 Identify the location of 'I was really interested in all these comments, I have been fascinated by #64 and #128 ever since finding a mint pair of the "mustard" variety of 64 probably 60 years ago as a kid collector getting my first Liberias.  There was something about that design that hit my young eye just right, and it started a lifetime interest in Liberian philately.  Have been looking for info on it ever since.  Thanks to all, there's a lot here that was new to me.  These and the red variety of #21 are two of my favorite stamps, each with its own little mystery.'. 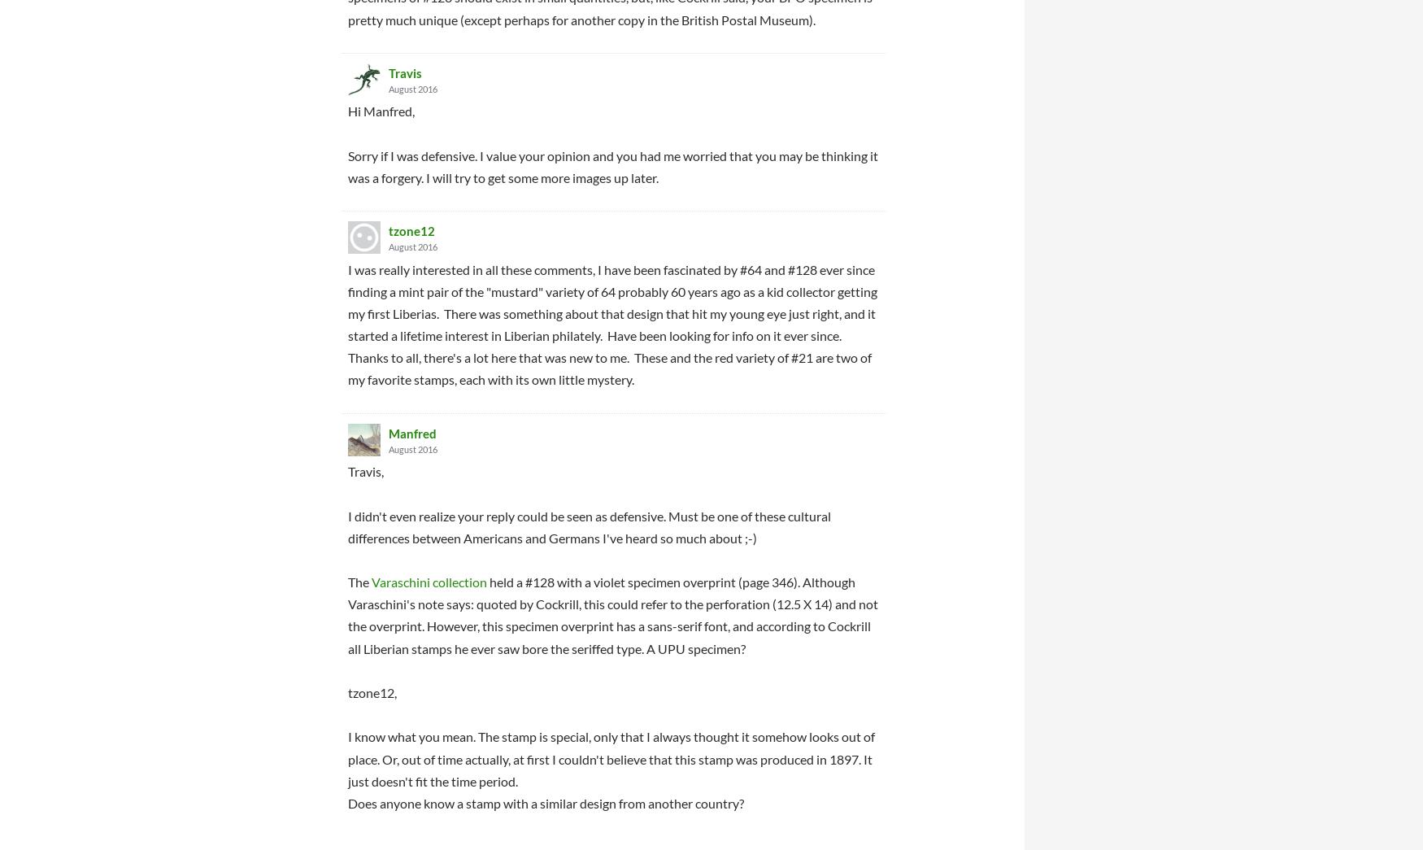
(611, 323).